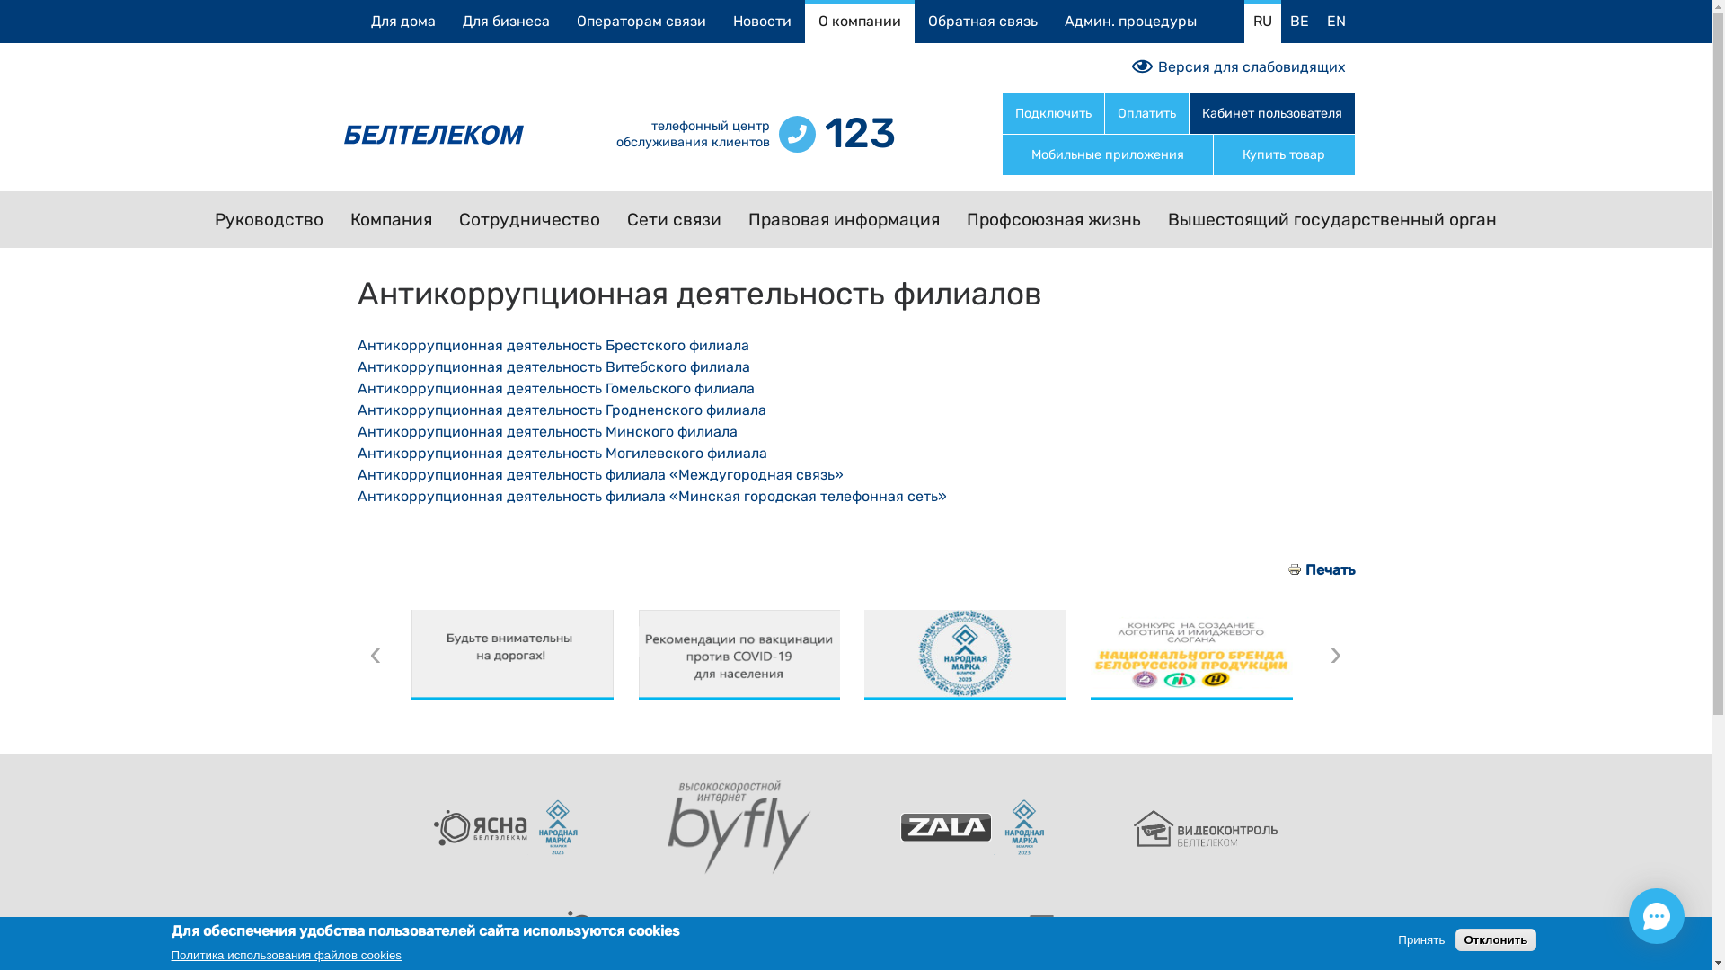 The image size is (1725, 970). What do you see at coordinates (1299, 21) in the screenshot?
I see `'BE'` at bounding box center [1299, 21].